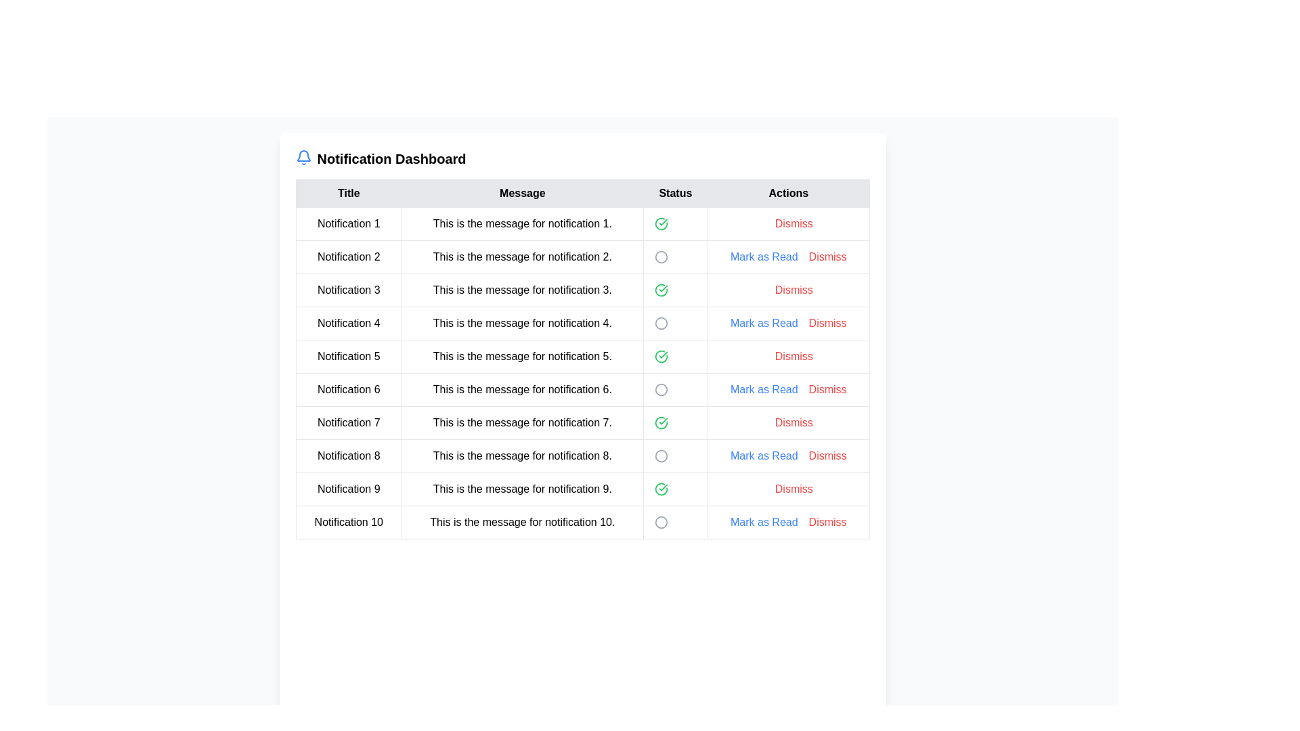 This screenshot has width=1300, height=731. Describe the element at coordinates (521, 289) in the screenshot. I see `the 'Message' text label of 'Notification 3' in the notification dashboard, which is the second item in the corresponding row` at that location.